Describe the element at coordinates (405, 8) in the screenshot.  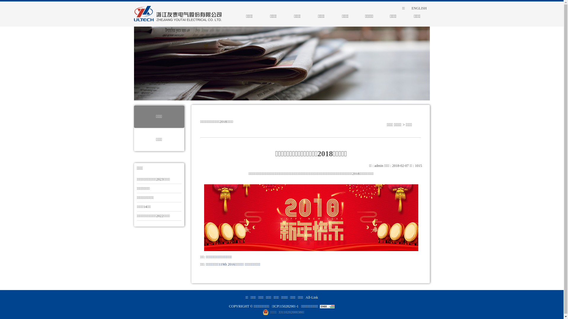
I see `'ENGLISH'` at that location.